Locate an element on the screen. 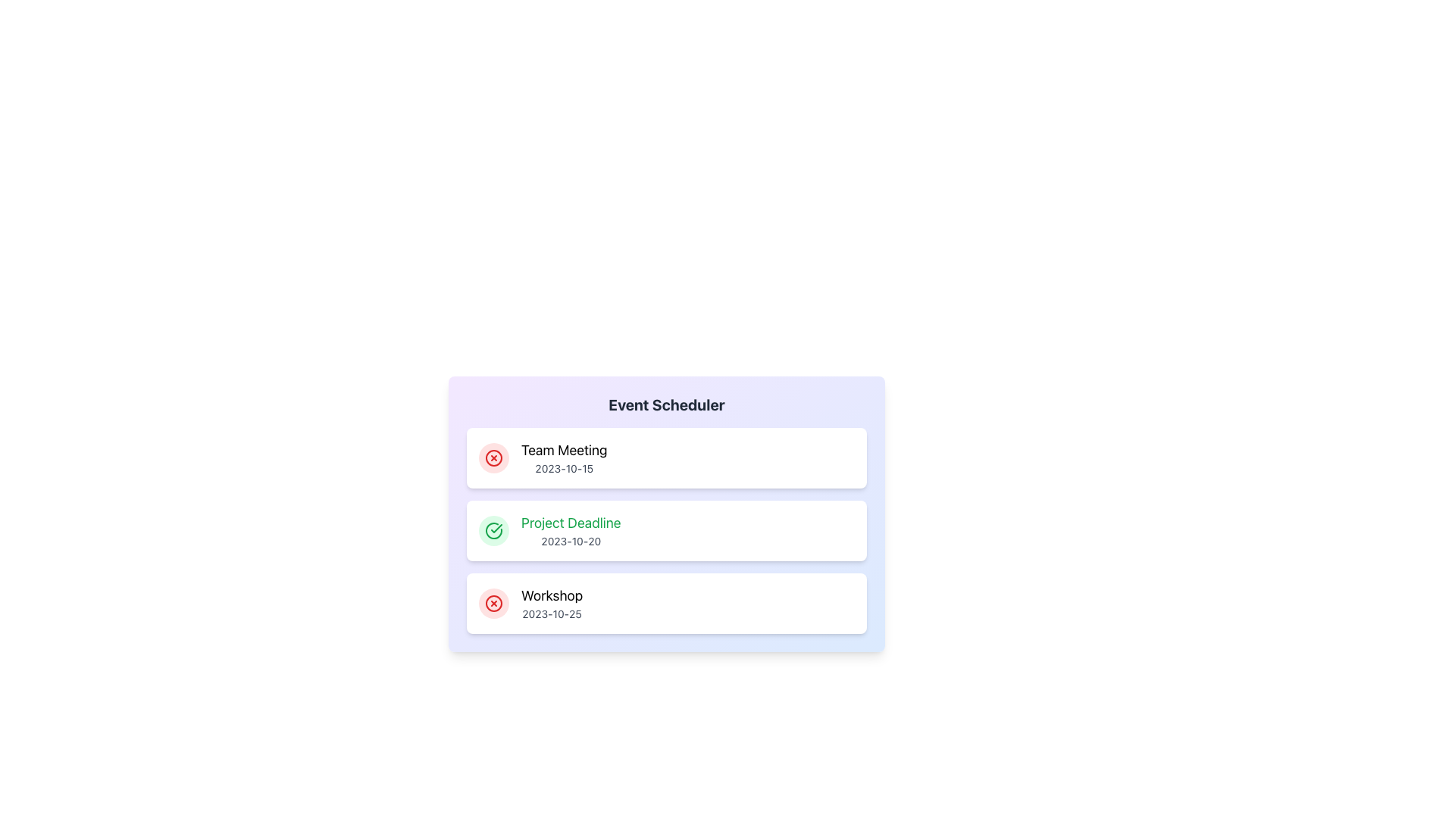 The height and width of the screenshot is (818, 1455). the 'Project Deadline' text block in the 'Event Scheduler' section, which displays the title in a large green font and the date in a smaller gray font is located at coordinates (570, 530).